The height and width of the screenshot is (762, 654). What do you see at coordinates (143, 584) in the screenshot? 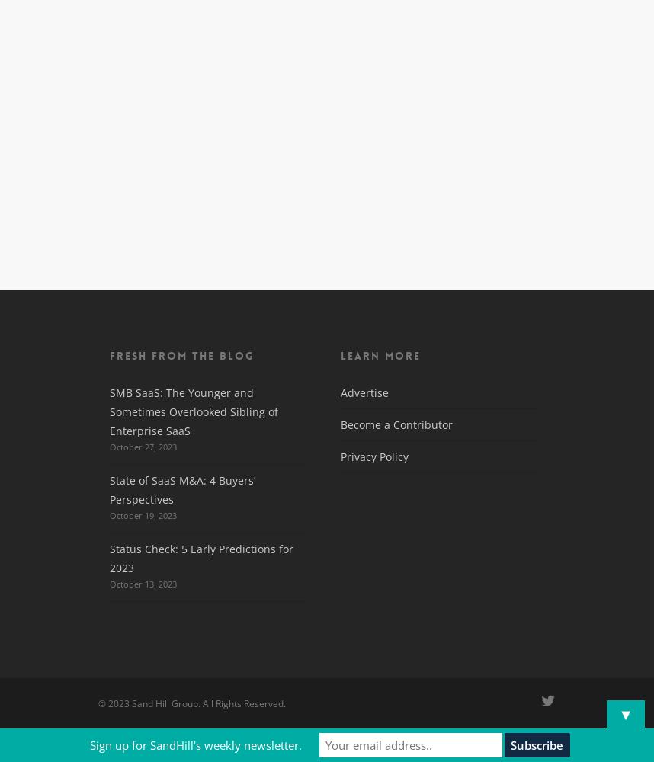
I see `'October 13, 2023'` at bounding box center [143, 584].